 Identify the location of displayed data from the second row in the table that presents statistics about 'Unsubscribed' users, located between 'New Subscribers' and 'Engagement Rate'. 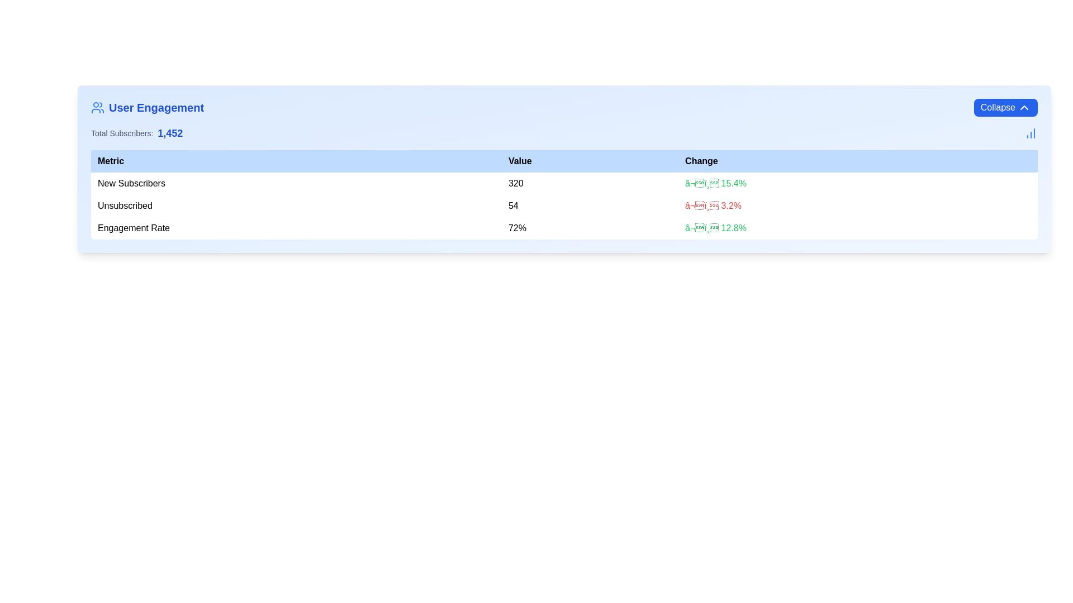
(564, 206).